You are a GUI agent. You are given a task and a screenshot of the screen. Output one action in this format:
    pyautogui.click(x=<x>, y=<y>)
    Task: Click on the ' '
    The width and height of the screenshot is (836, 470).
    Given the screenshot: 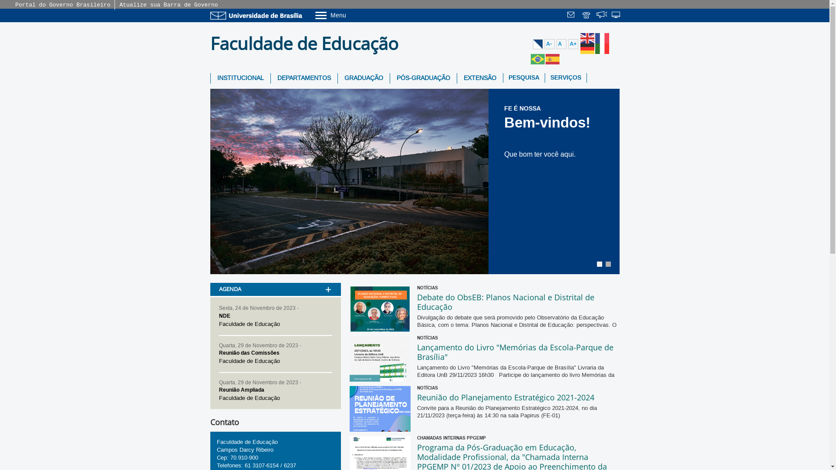 What is the action you would take?
    pyautogui.click(x=587, y=16)
    